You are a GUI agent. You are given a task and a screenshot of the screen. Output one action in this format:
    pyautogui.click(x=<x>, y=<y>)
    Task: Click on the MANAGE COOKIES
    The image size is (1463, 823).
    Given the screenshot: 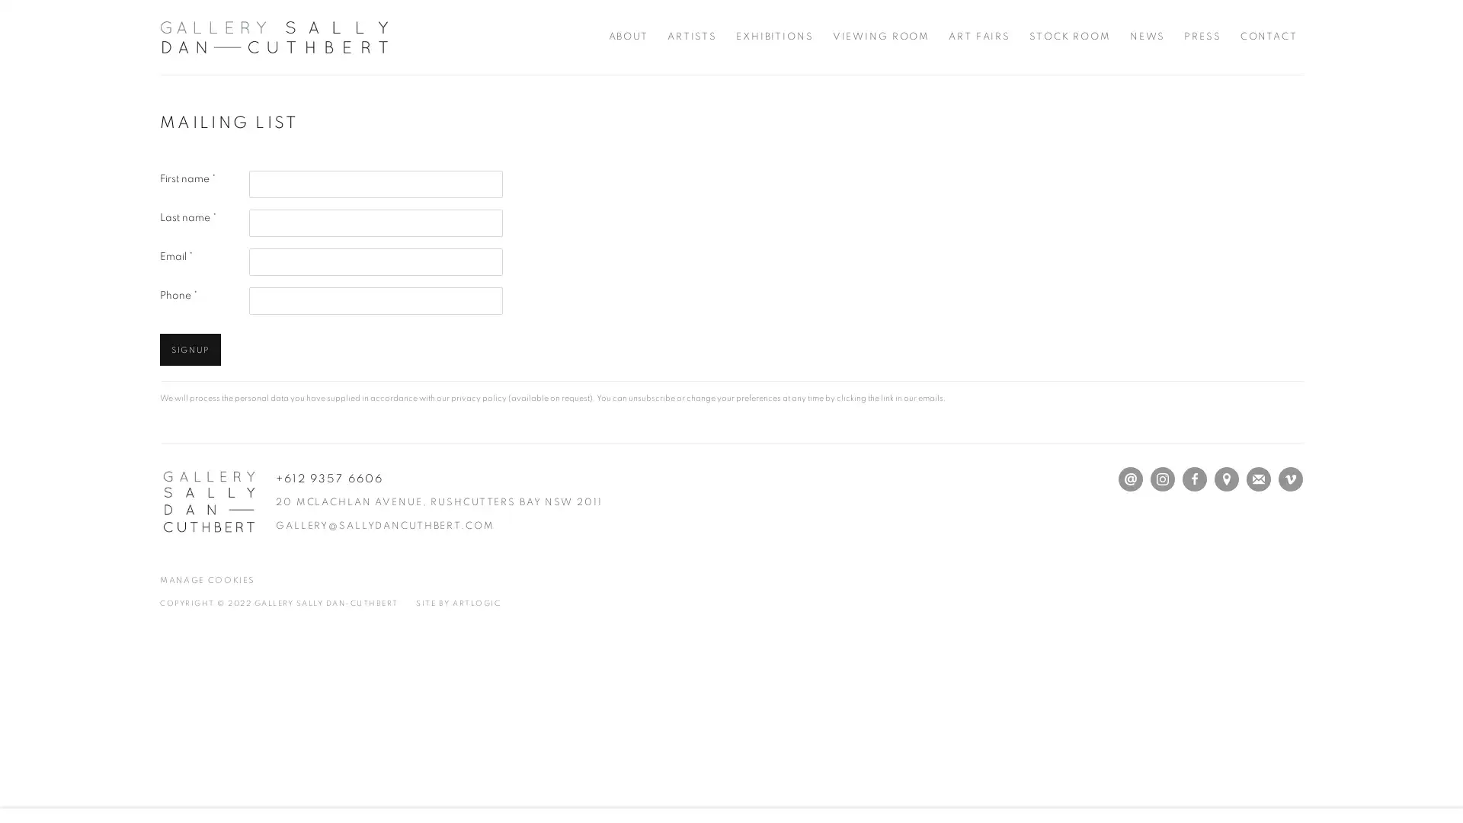 What is the action you would take?
    pyautogui.click(x=206, y=580)
    